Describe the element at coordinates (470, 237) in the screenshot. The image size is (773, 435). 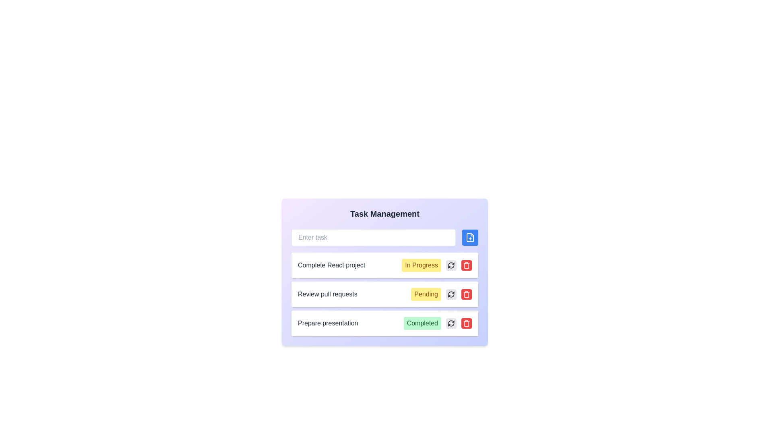
I see `the icon button located at the right end of the 'Enter task' text input field` at that location.